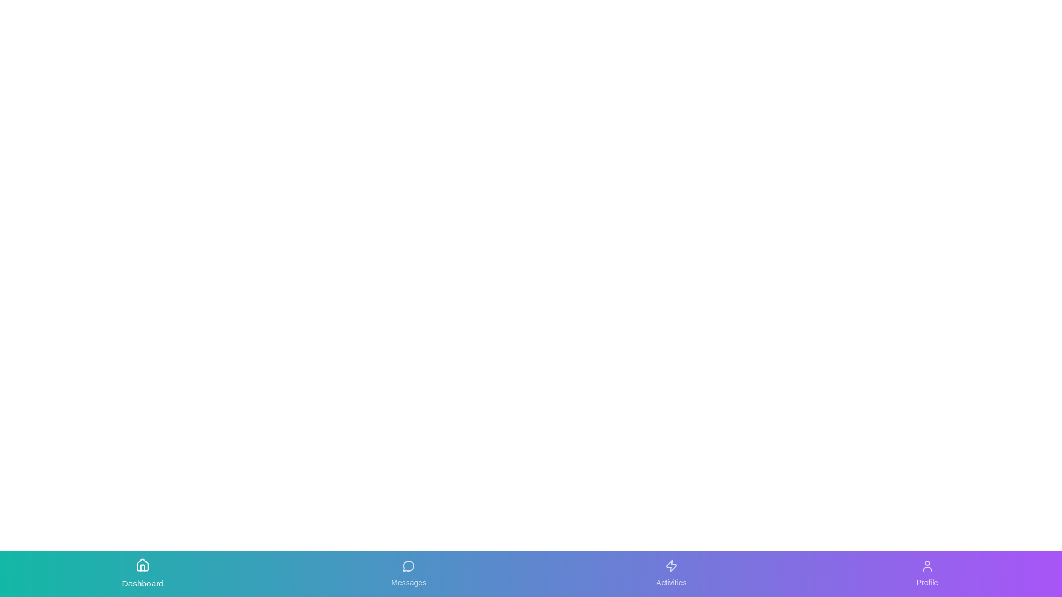 The width and height of the screenshot is (1062, 597). What do you see at coordinates (142, 573) in the screenshot?
I see `the Dashboard tab in the navigation bar` at bounding box center [142, 573].